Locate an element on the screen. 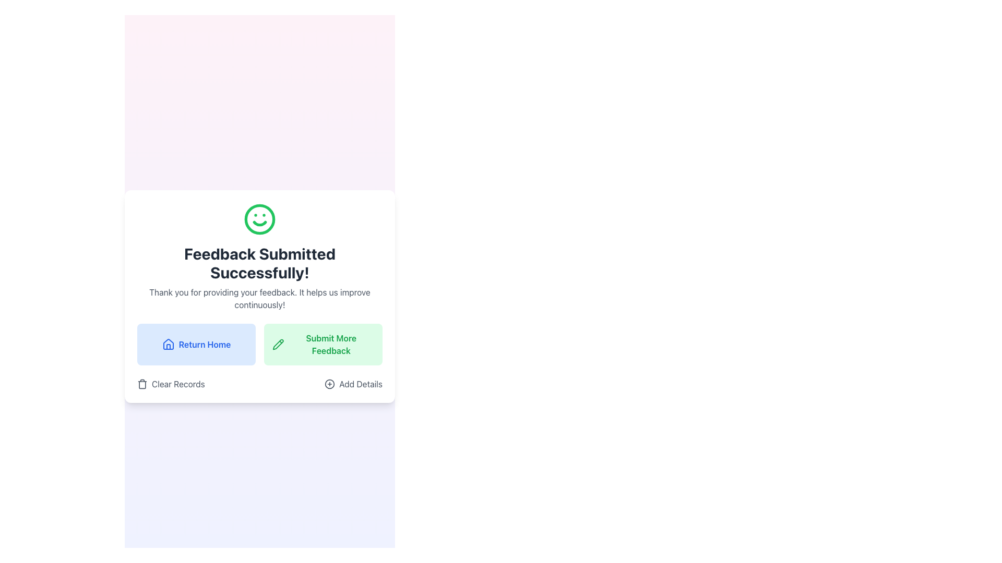 The width and height of the screenshot is (1002, 563). the 'Clear Records' button, which is styled in muted gray with a trashcan icon, located to the left of 'Add Details' in the bottom row of the card-like interface is located at coordinates (171, 384).